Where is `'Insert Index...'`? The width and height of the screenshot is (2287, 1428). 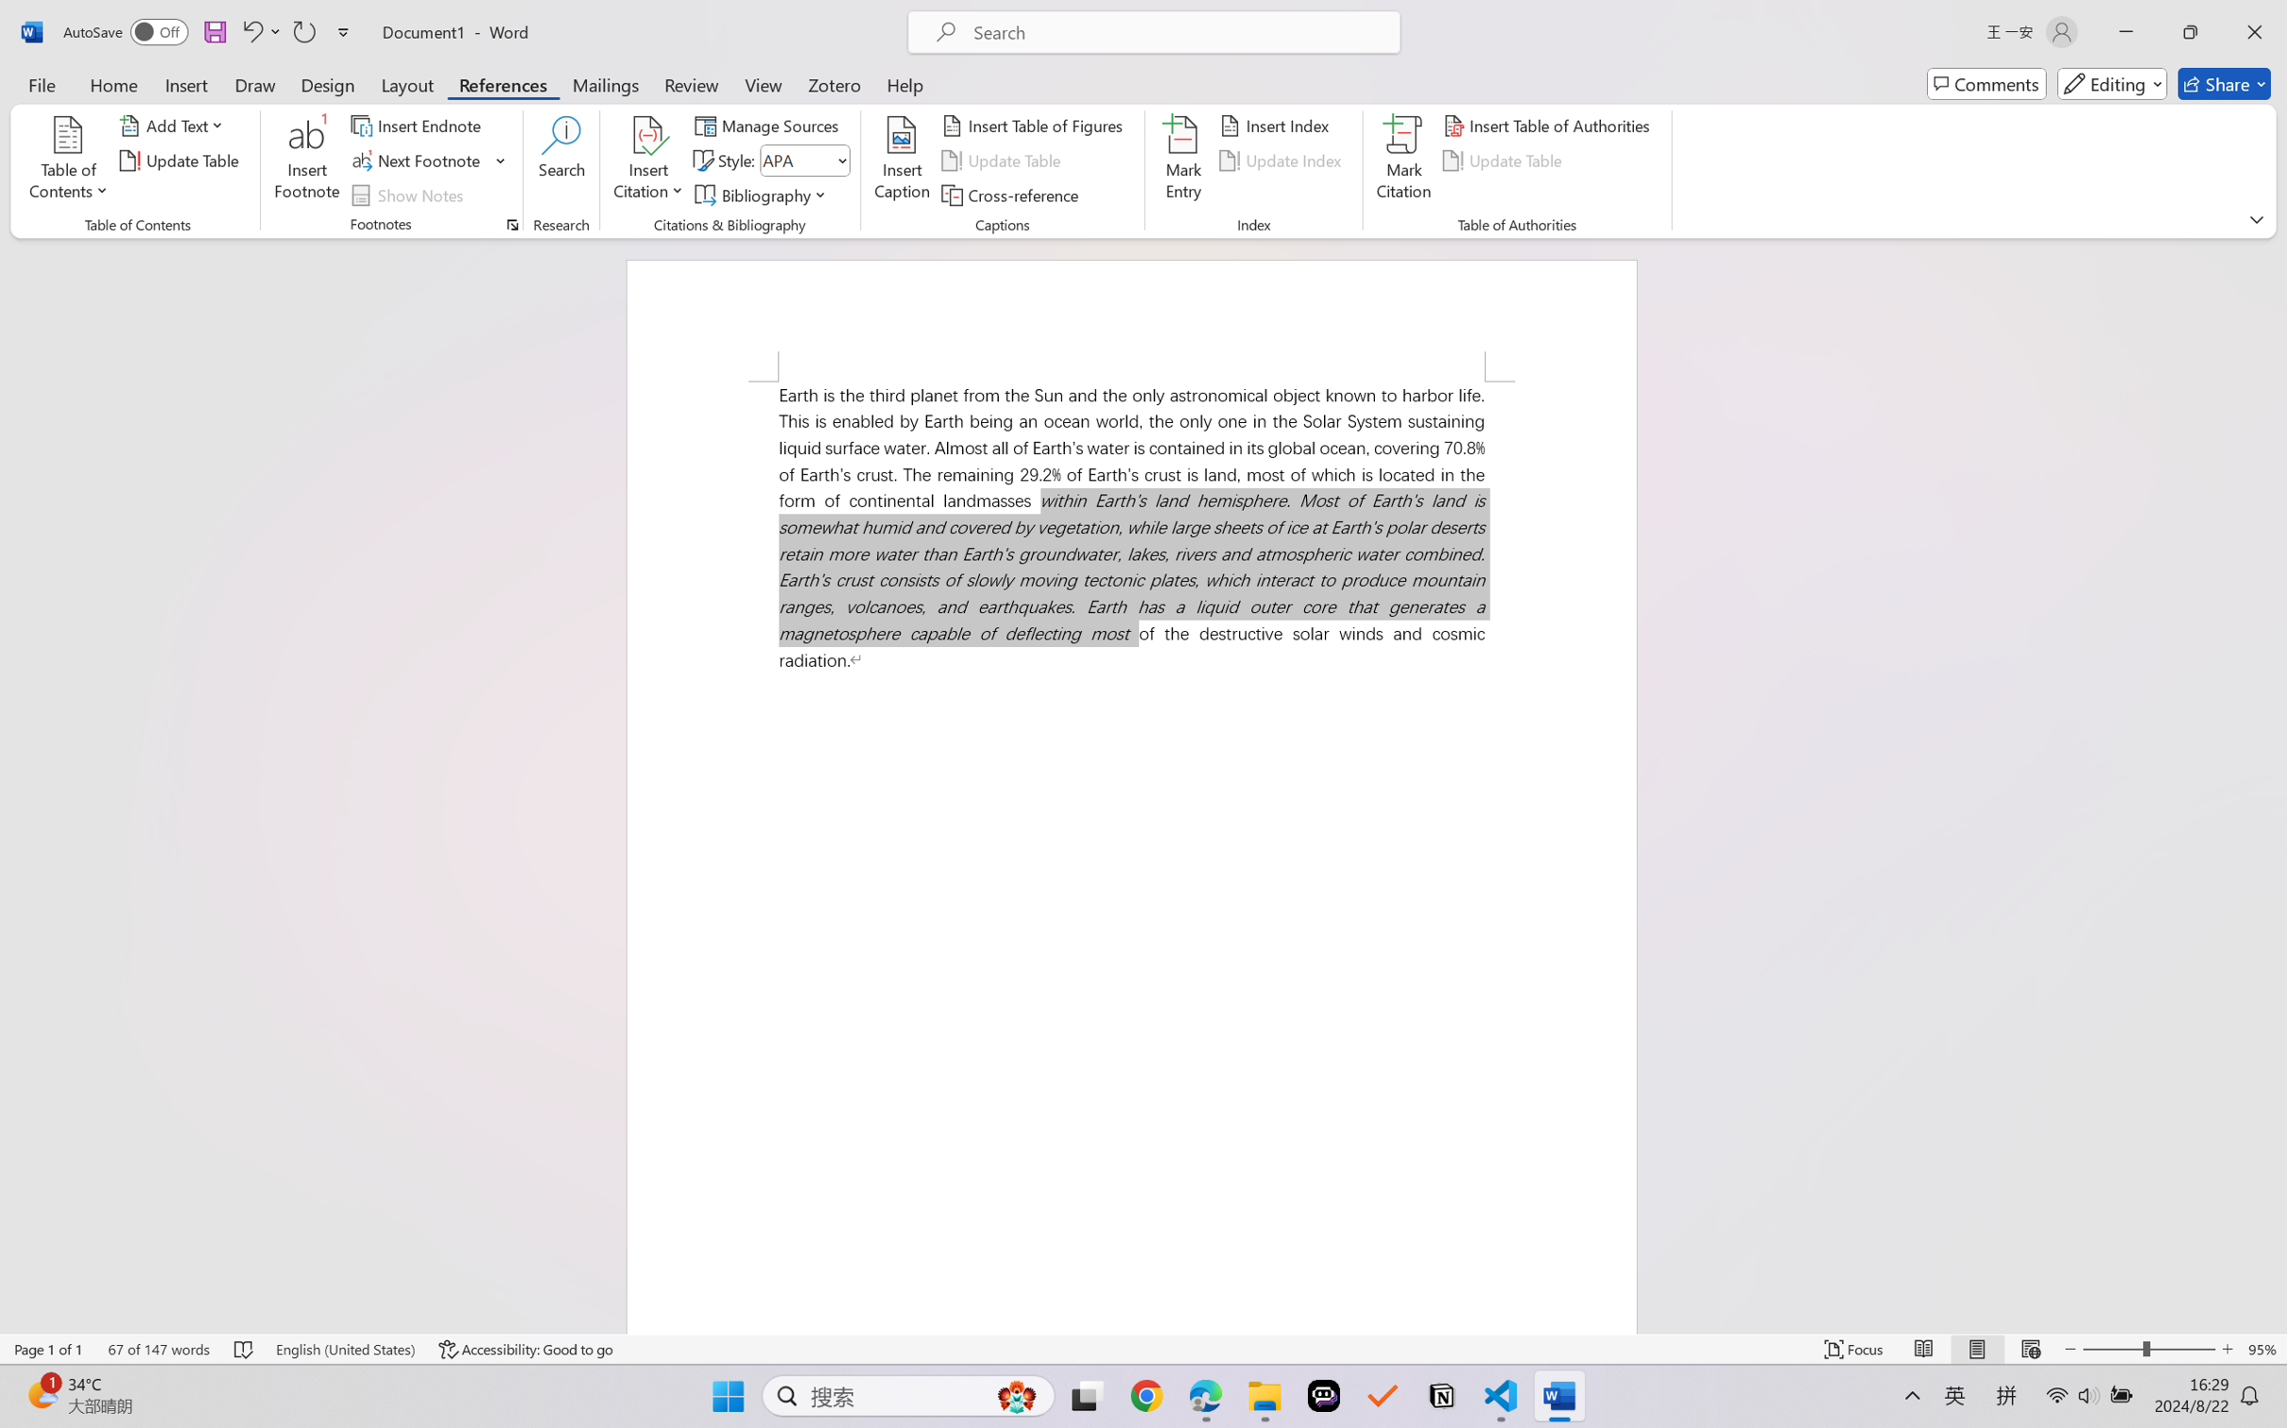 'Insert Index...' is located at coordinates (1276, 124).